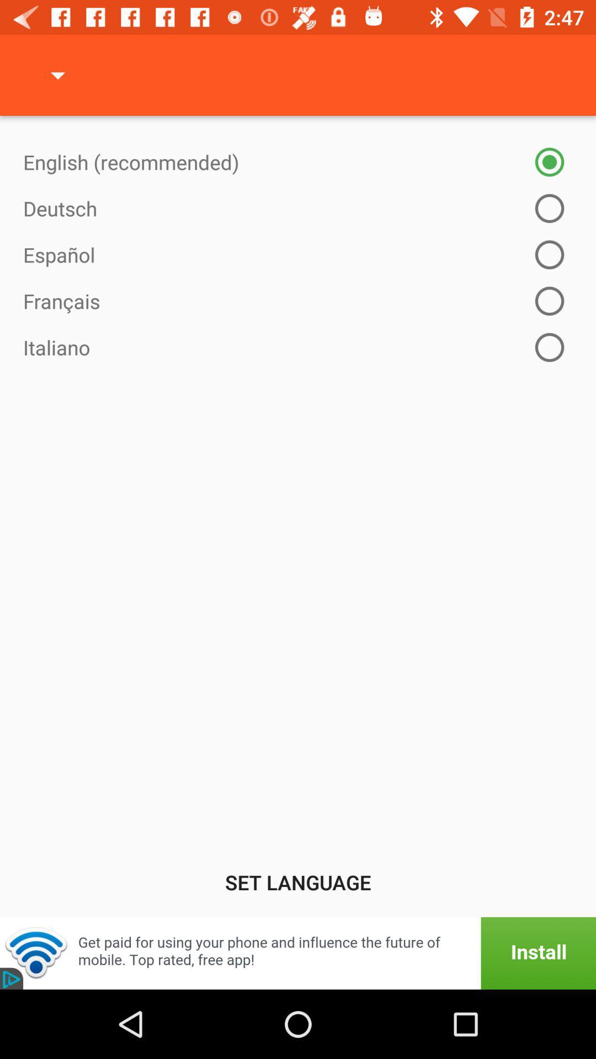 The height and width of the screenshot is (1059, 596). Describe the element at coordinates (298, 953) in the screenshot. I see `open advertisement` at that location.